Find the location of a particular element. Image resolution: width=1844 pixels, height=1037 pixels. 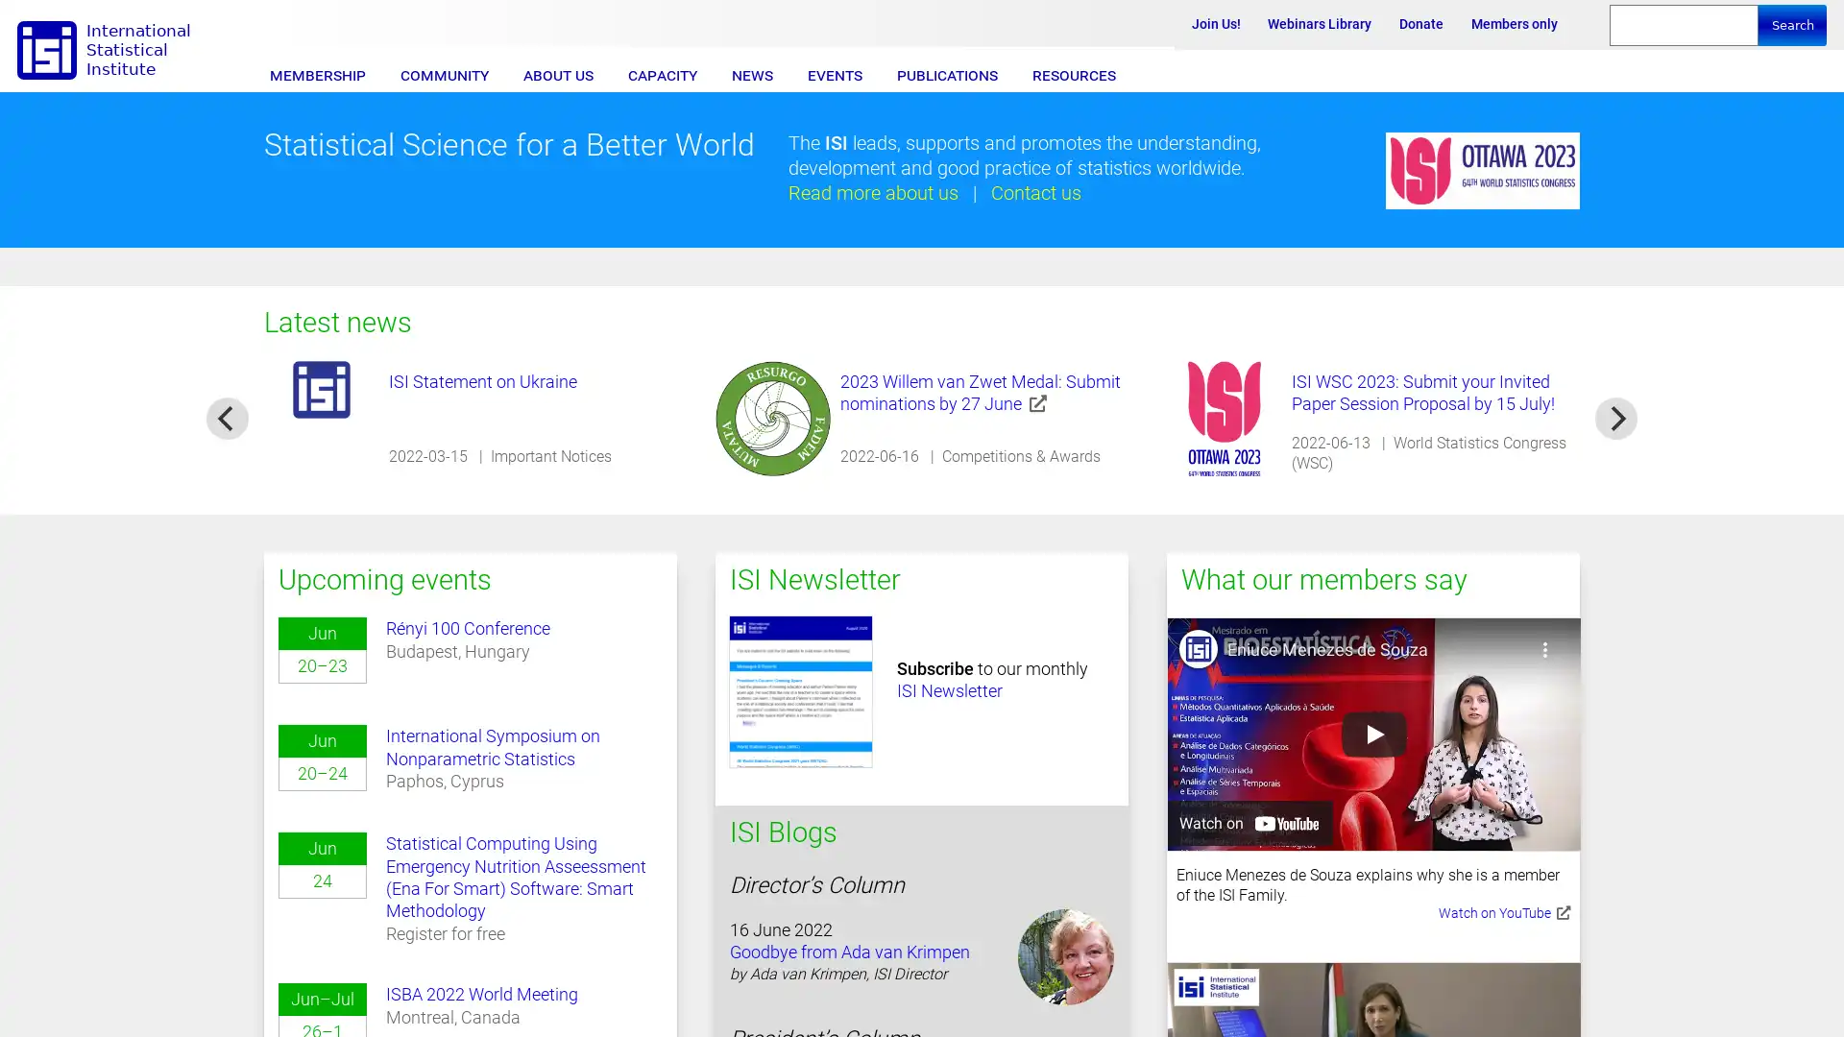

Search is located at coordinates (1791, 25).